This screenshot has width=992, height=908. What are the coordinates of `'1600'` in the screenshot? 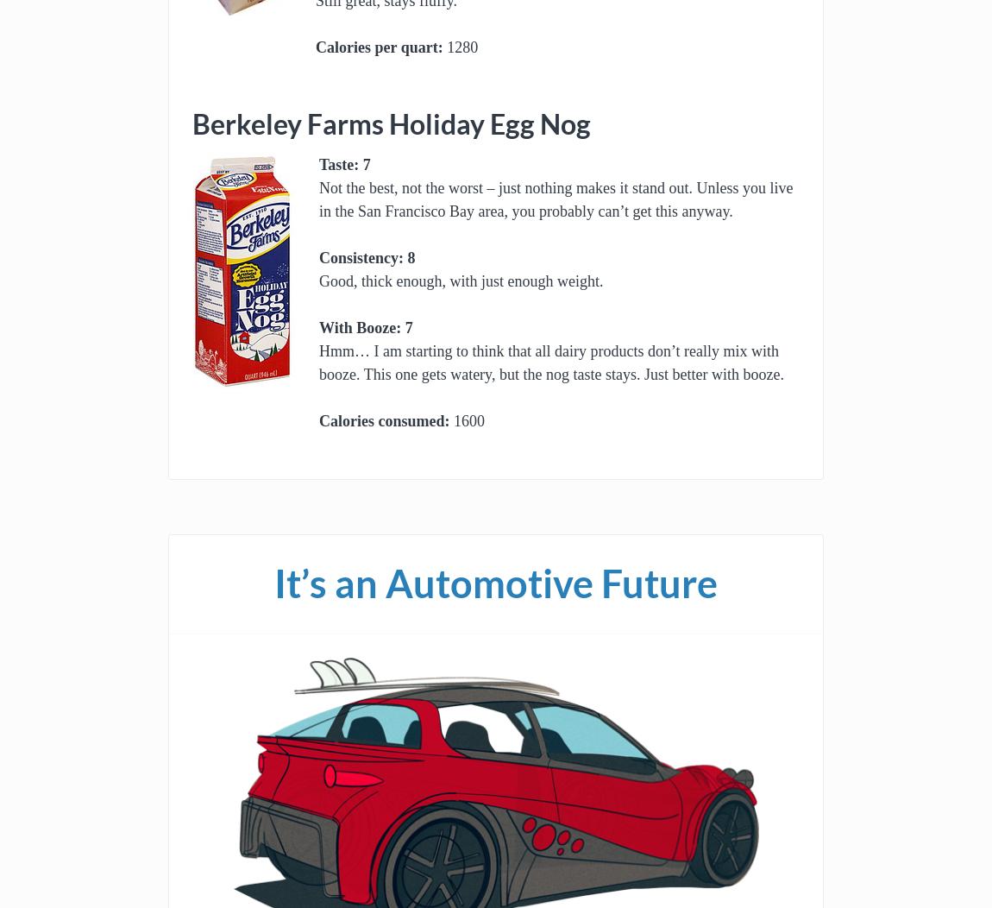 It's located at (467, 420).